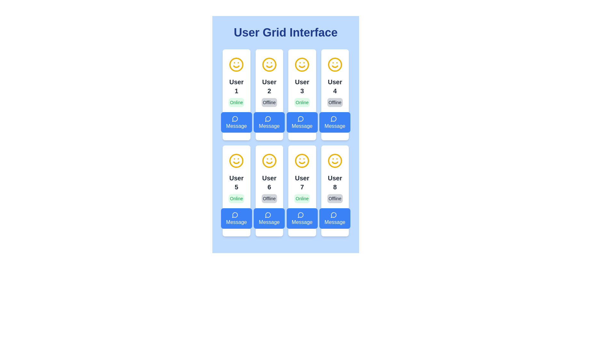 Image resolution: width=615 pixels, height=346 pixels. I want to click on the button located at the bottom of 'User 8's card, which is the fourth user card in the second row, so click(334, 218).